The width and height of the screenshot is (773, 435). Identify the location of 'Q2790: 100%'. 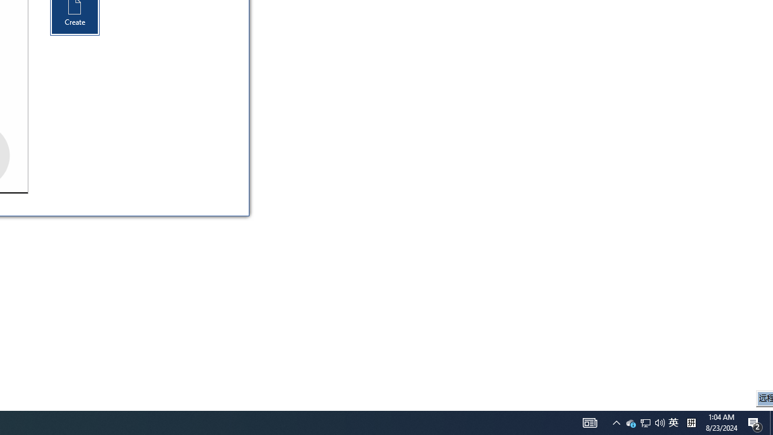
(644, 422).